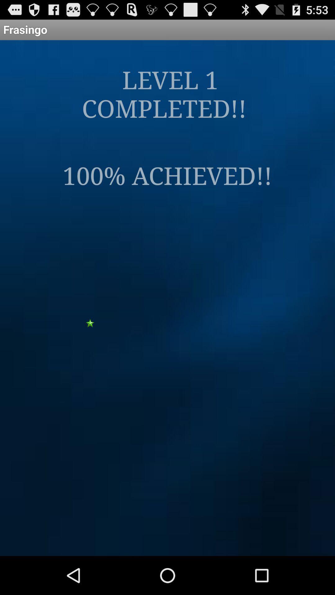 This screenshot has height=595, width=335. What do you see at coordinates (167, 174) in the screenshot?
I see `app below  level 1 completed!!  item` at bounding box center [167, 174].